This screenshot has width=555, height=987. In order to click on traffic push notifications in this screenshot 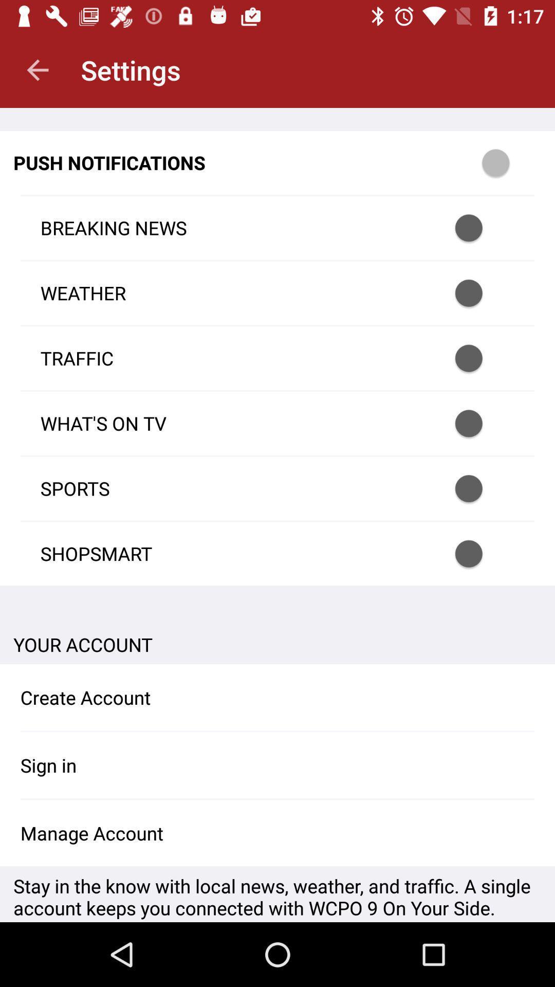, I will do `click(482, 358)`.